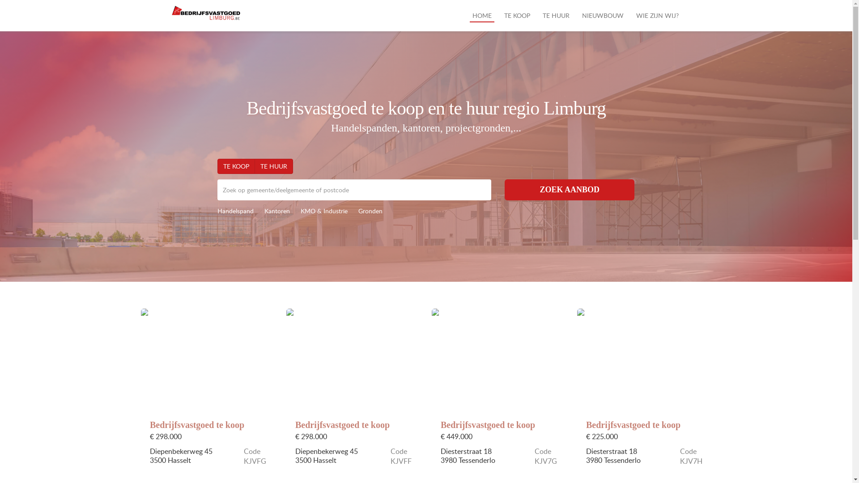 Image resolution: width=859 pixels, height=483 pixels. I want to click on 'ZOEK AANBOD', so click(569, 189).